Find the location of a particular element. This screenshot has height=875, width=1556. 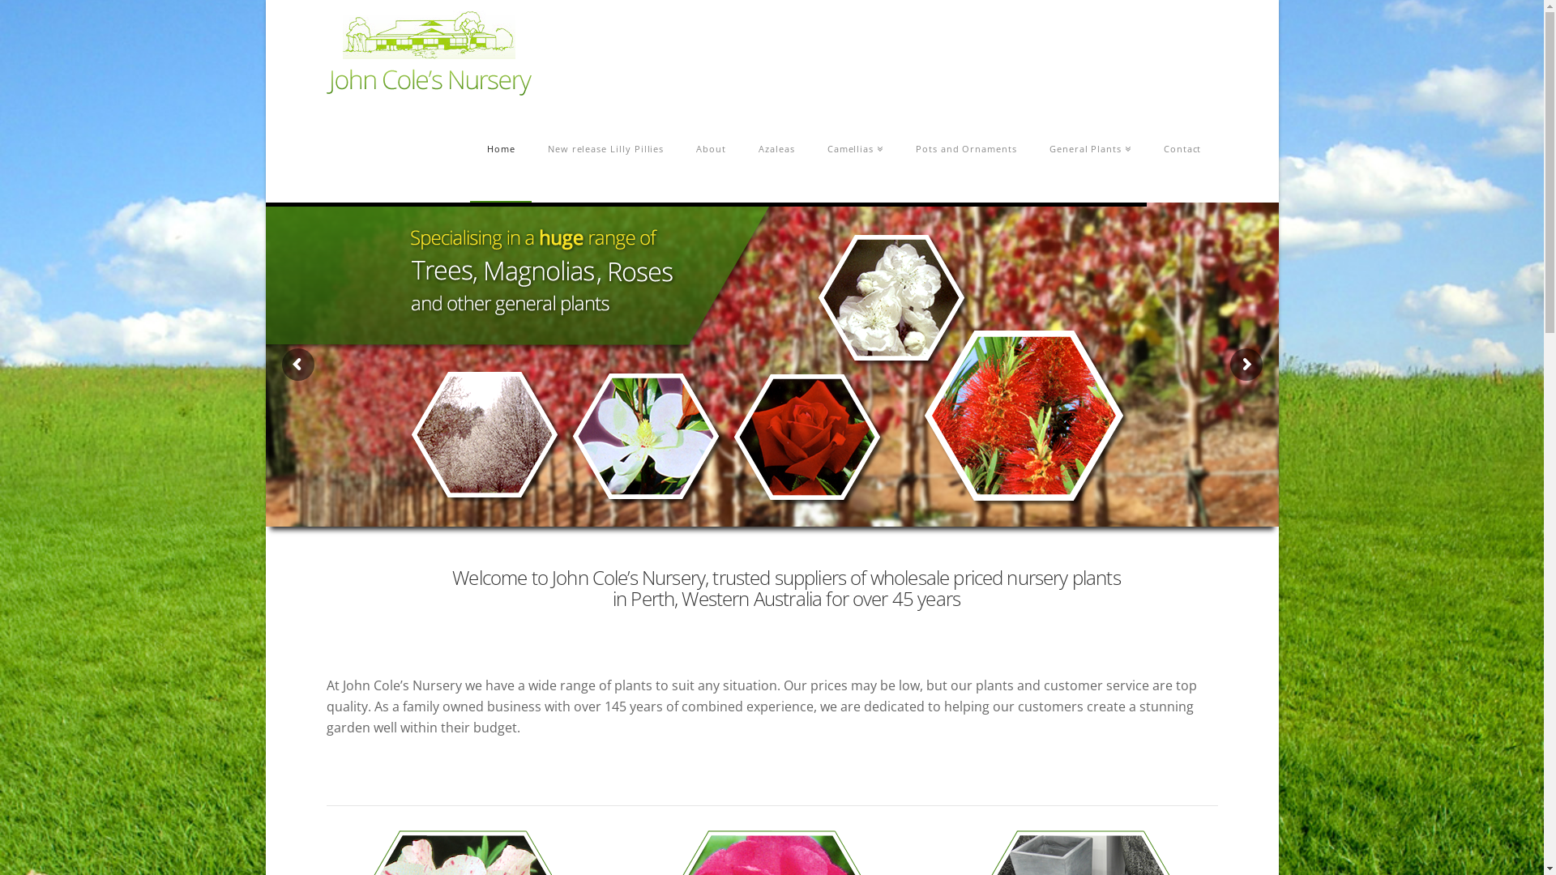

'Contact' is located at coordinates (1147, 147).